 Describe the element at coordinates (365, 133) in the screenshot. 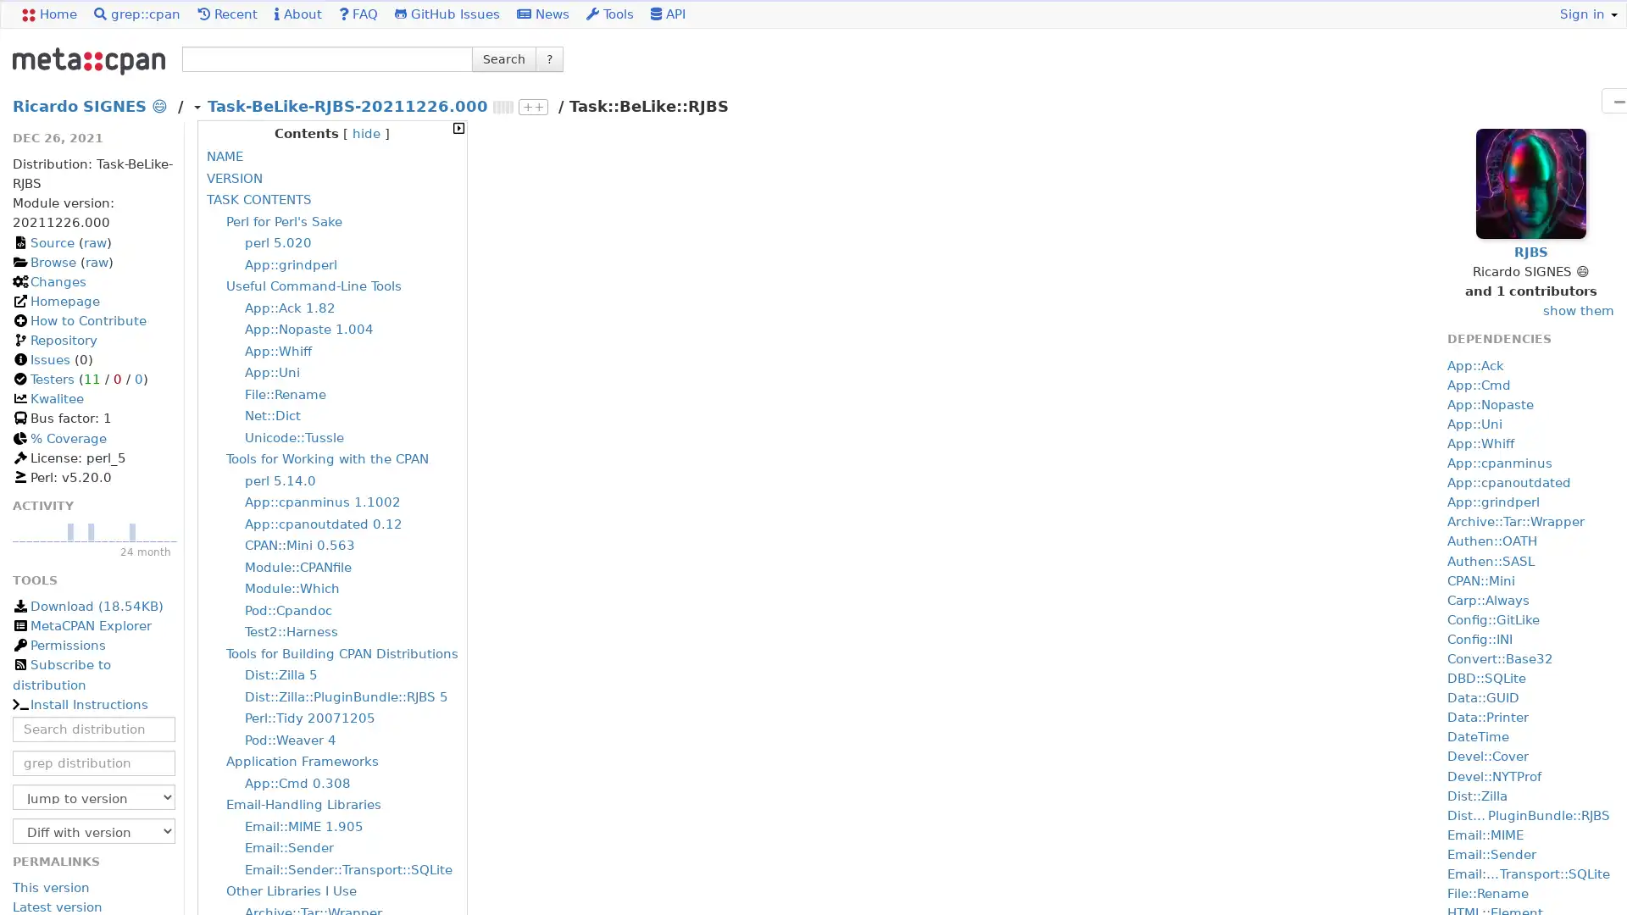

I see `hide` at that location.